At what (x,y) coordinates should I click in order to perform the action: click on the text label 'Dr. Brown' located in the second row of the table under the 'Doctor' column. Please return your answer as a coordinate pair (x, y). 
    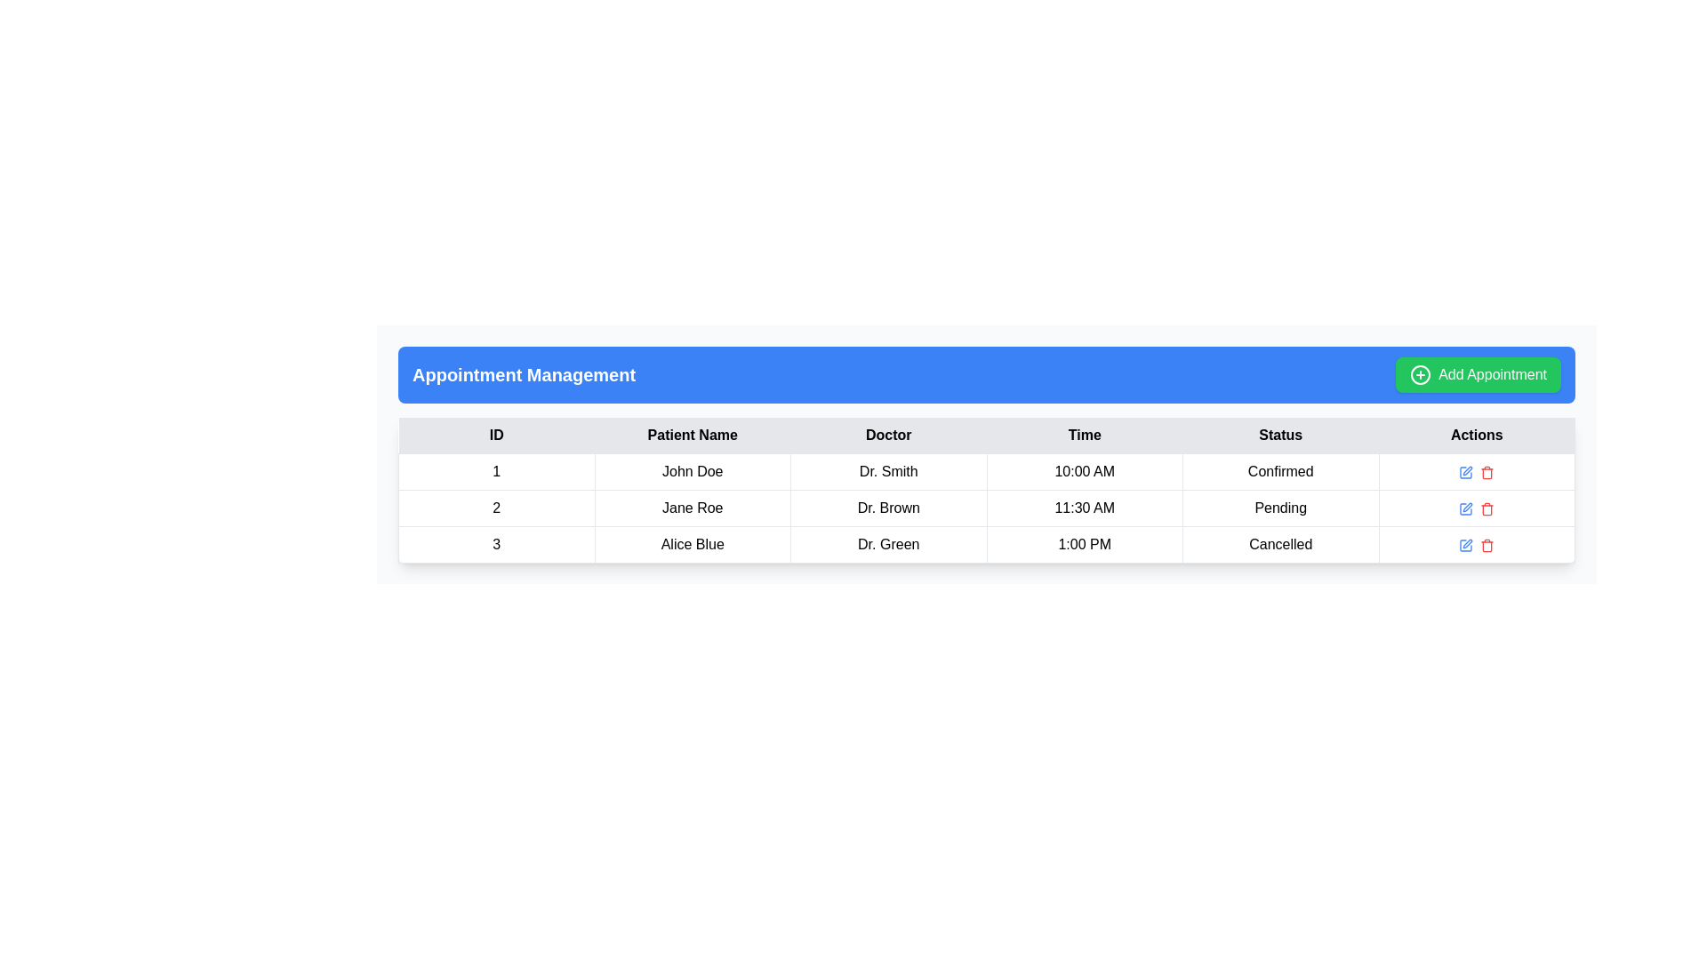
    Looking at the image, I should click on (888, 508).